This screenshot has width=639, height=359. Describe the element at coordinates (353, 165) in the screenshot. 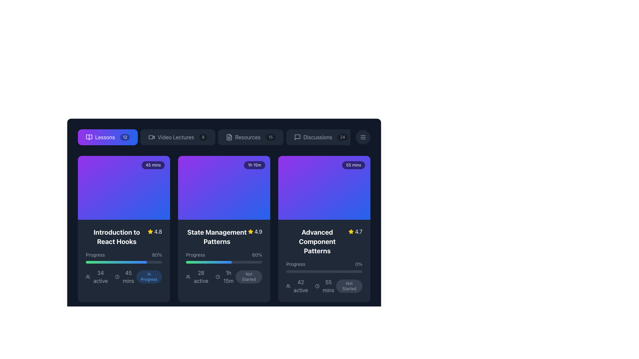

I see `text of the label displaying '55 mins', which is a small horizontally elongated pill-shaped label with a dark background and white text located in the top-right corner of the 'Advanced Component Patterns' card` at that location.